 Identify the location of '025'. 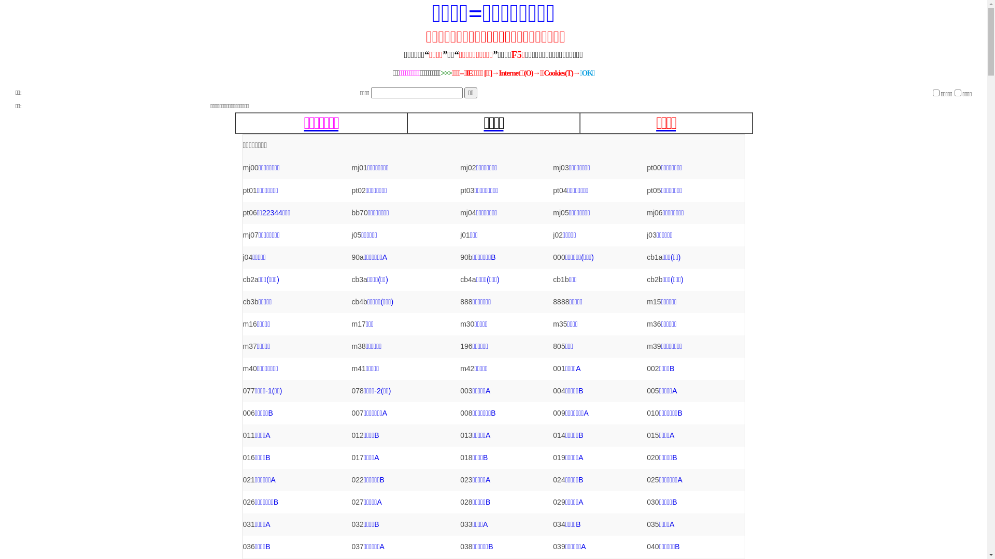
(652, 479).